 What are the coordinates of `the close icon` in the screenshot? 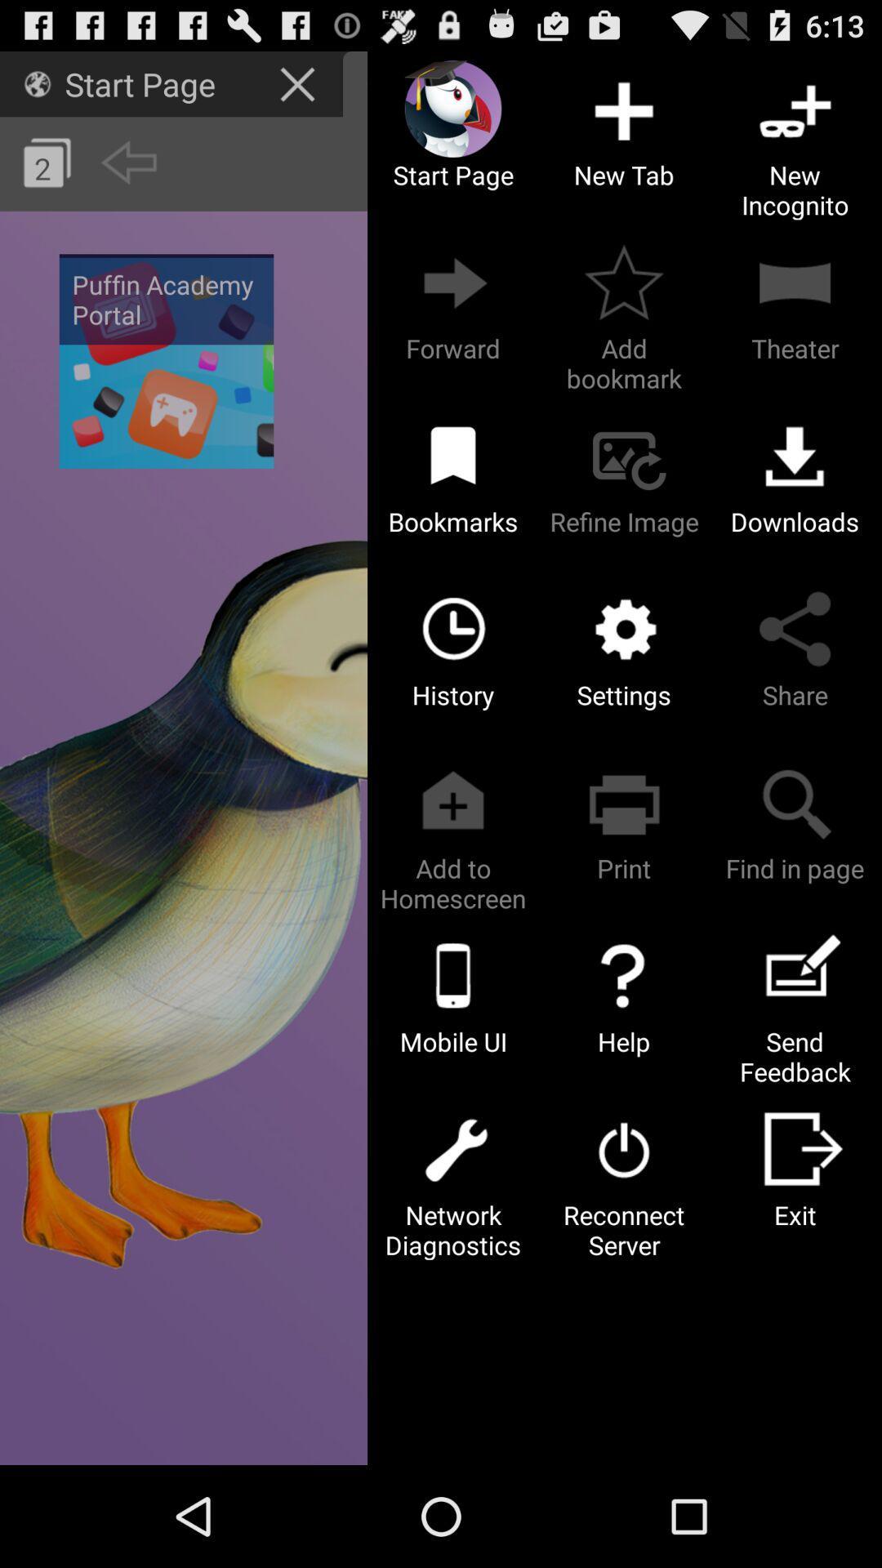 It's located at (300, 89).